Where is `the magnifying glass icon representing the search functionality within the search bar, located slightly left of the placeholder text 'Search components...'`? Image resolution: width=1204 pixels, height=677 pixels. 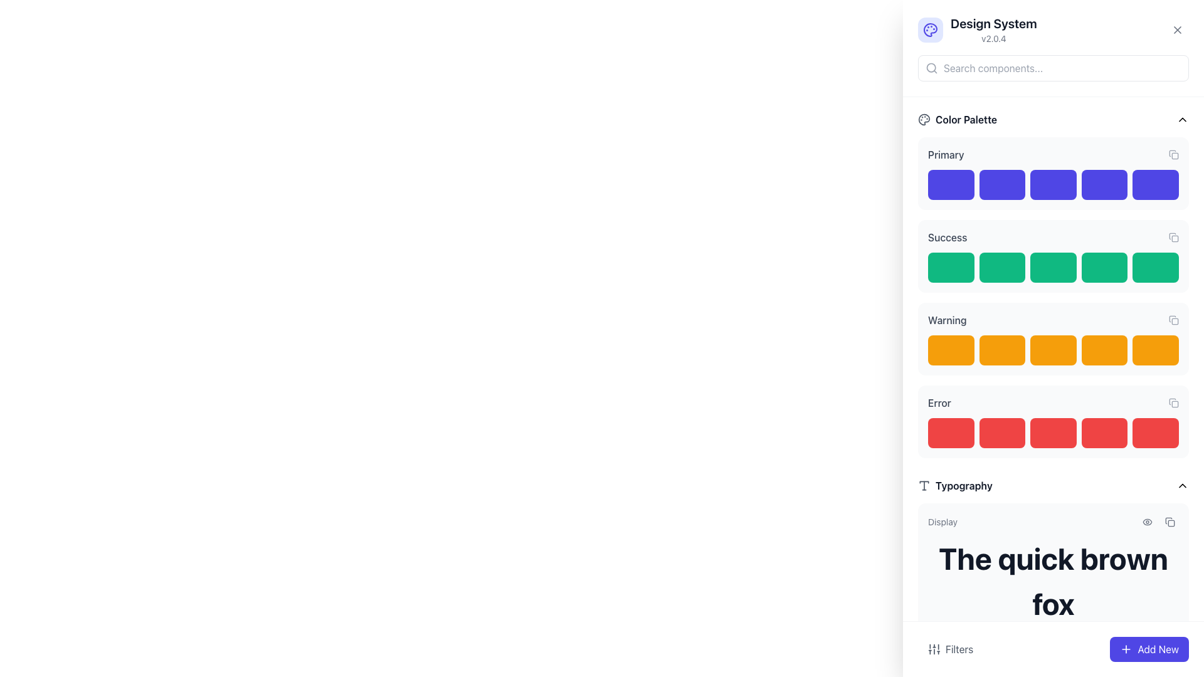
the magnifying glass icon representing the search functionality within the search bar, located slightly left of the placeholder text 'Search components...' is located at coordinates (932, 68).